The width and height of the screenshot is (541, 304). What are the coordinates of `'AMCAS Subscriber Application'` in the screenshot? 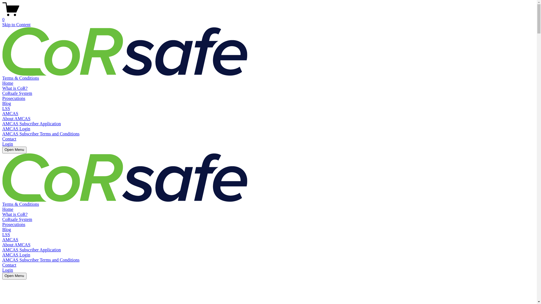 It's located at (31, 249).